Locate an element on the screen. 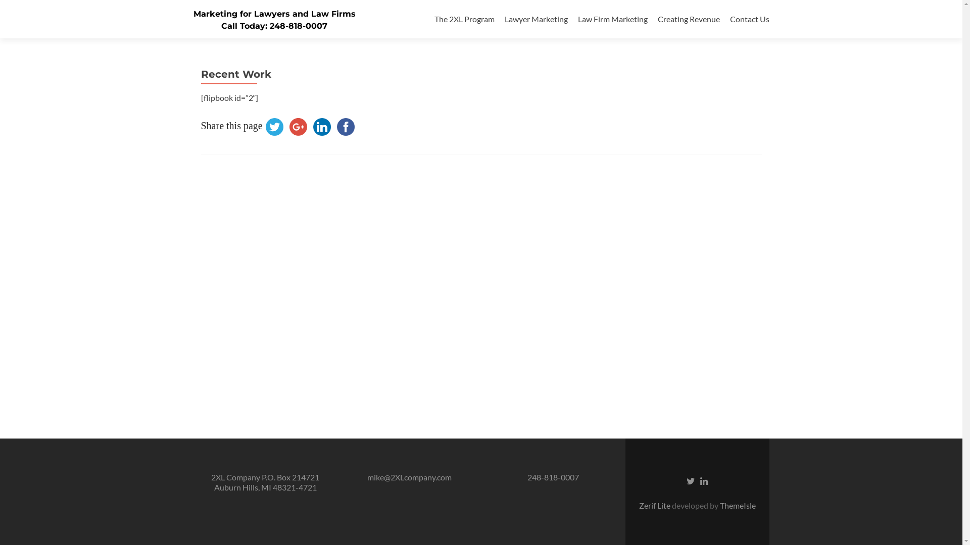  'google' is located at coordinates (298, 126).